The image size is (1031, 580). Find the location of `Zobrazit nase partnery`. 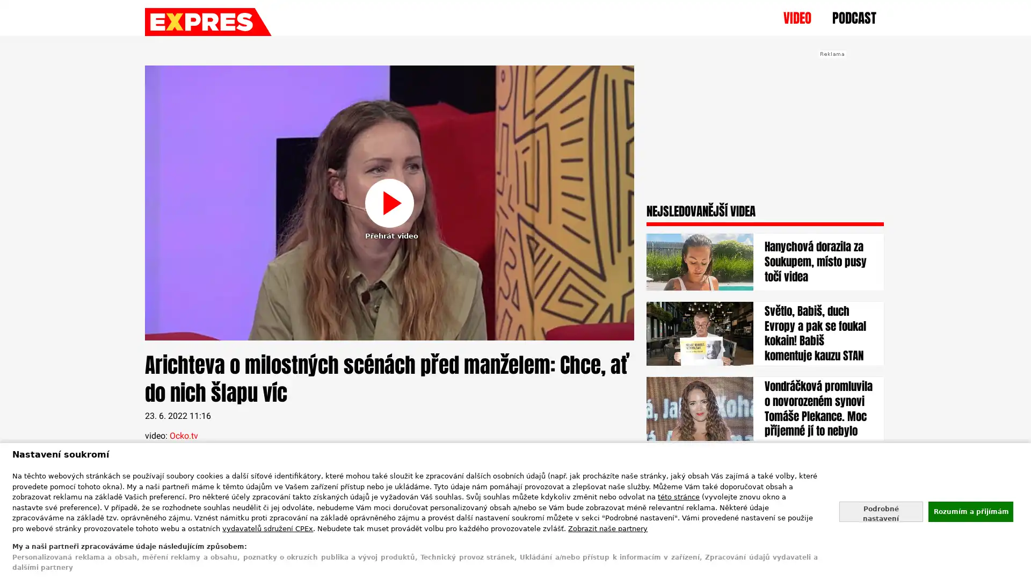

Zobrazit nase partnery is located at coordinates (608, 527).